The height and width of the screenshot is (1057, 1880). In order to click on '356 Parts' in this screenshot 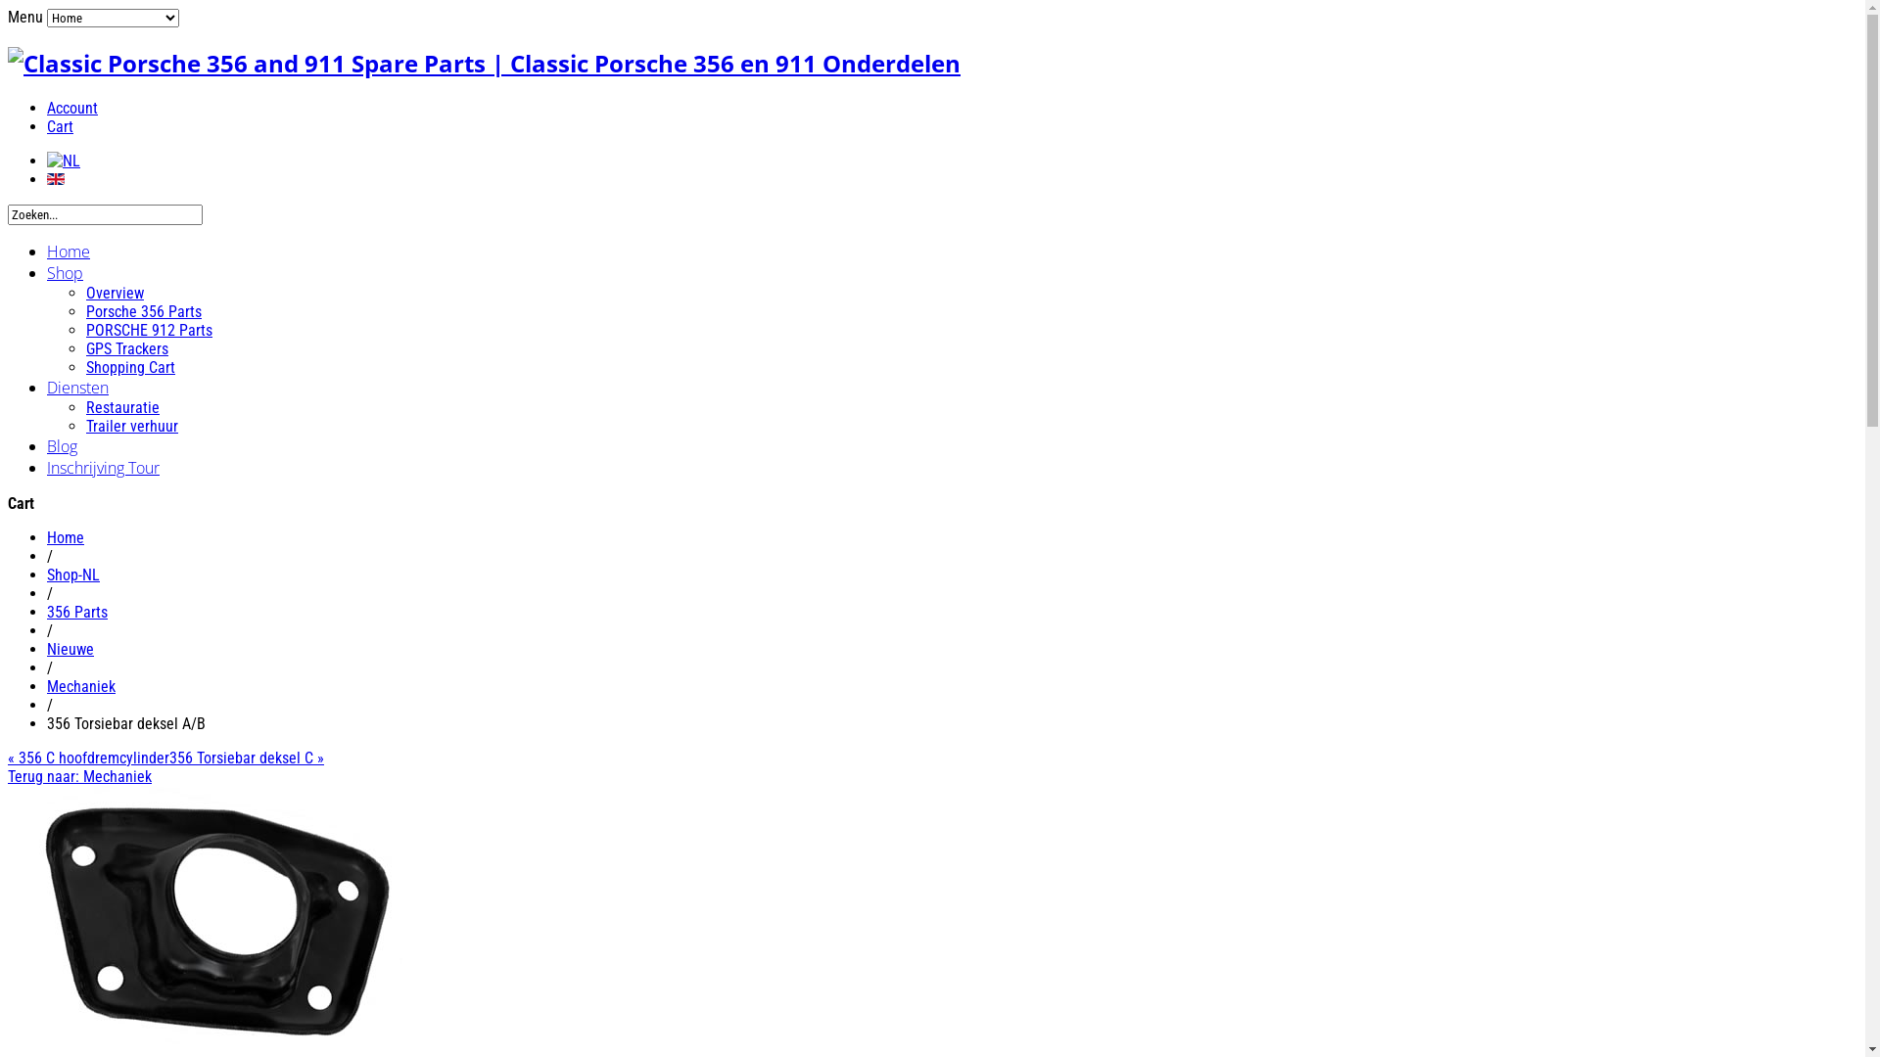, I will do `click(76, 611)`.